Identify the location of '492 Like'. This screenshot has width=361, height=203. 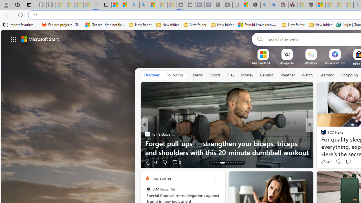
(325, 162).